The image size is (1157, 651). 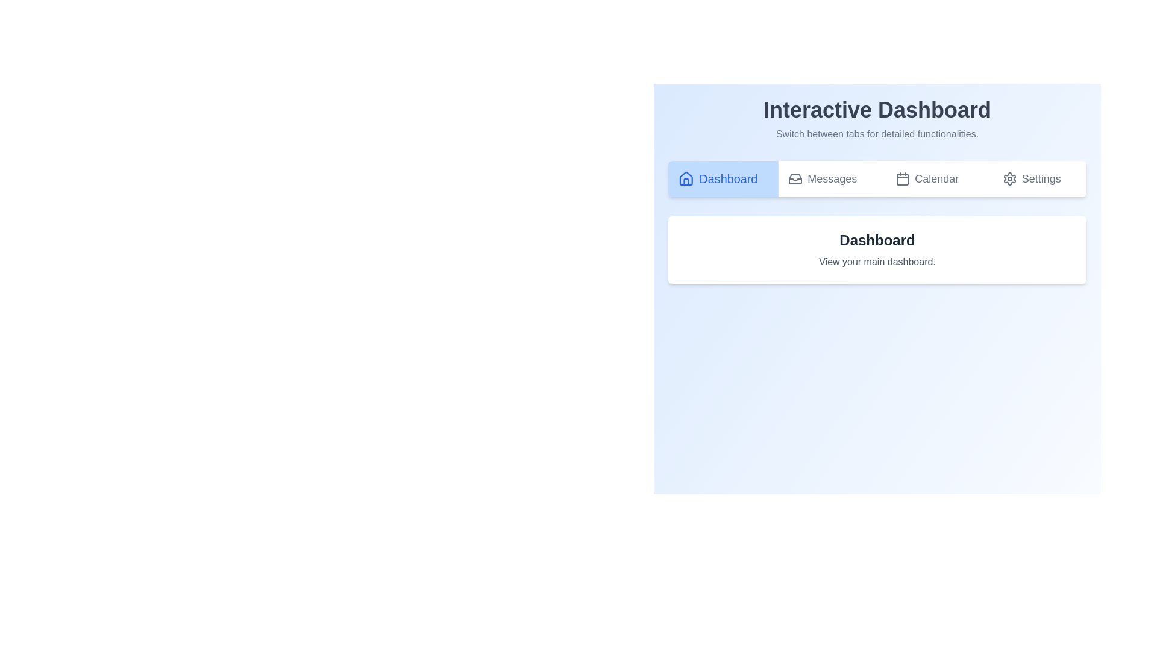 What do you see at coordinates (824, 179) in the screenshot?
I see `the 'Messages' tab in the header of the application to change its color` at bounding box center [824, 179].